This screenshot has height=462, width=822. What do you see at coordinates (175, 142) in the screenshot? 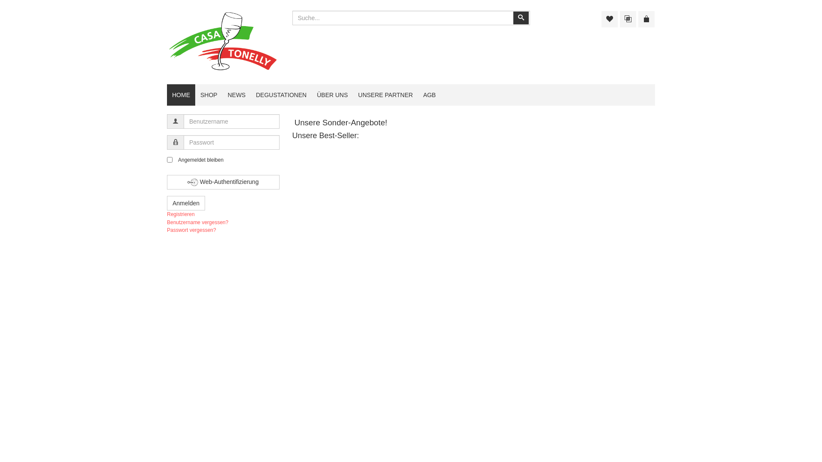
I see `'Passwort'` at bounding box center [175, 142].